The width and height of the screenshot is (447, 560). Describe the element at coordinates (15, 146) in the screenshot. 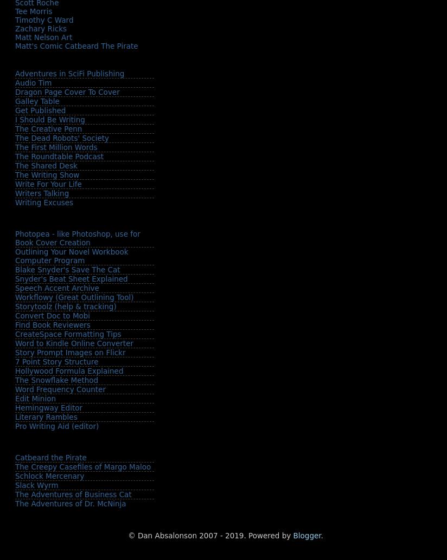

I see `'The First Million Words'` at that location.